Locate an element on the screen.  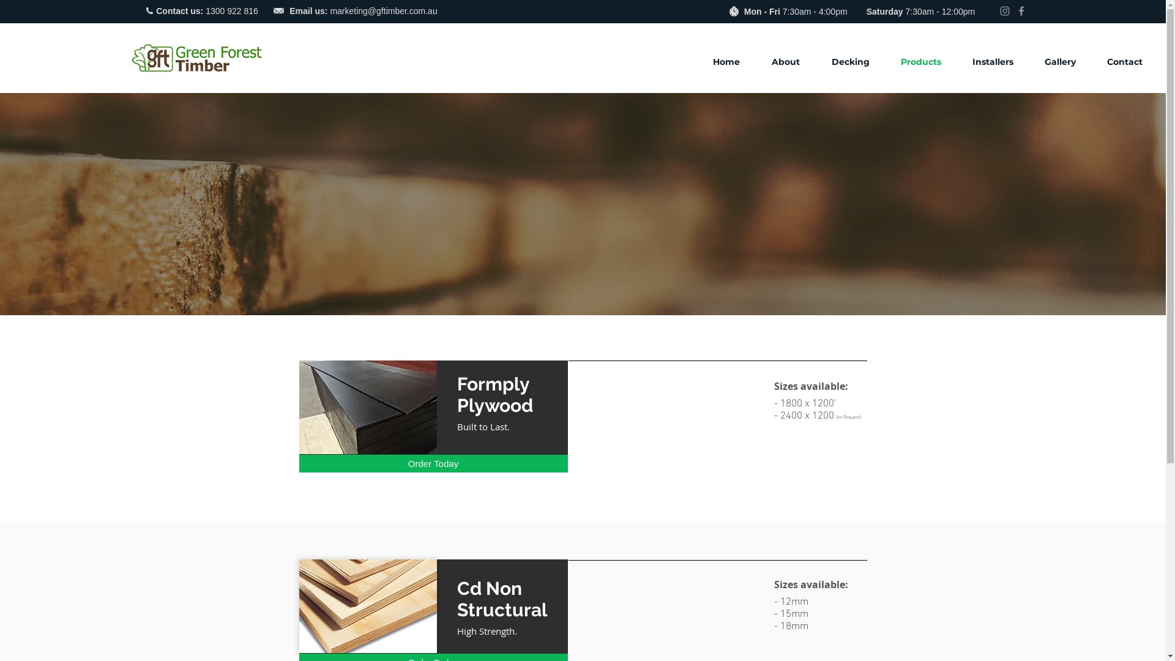
'Saturday 7:30am - 12:00pm' is located at coordinates (920, 11).